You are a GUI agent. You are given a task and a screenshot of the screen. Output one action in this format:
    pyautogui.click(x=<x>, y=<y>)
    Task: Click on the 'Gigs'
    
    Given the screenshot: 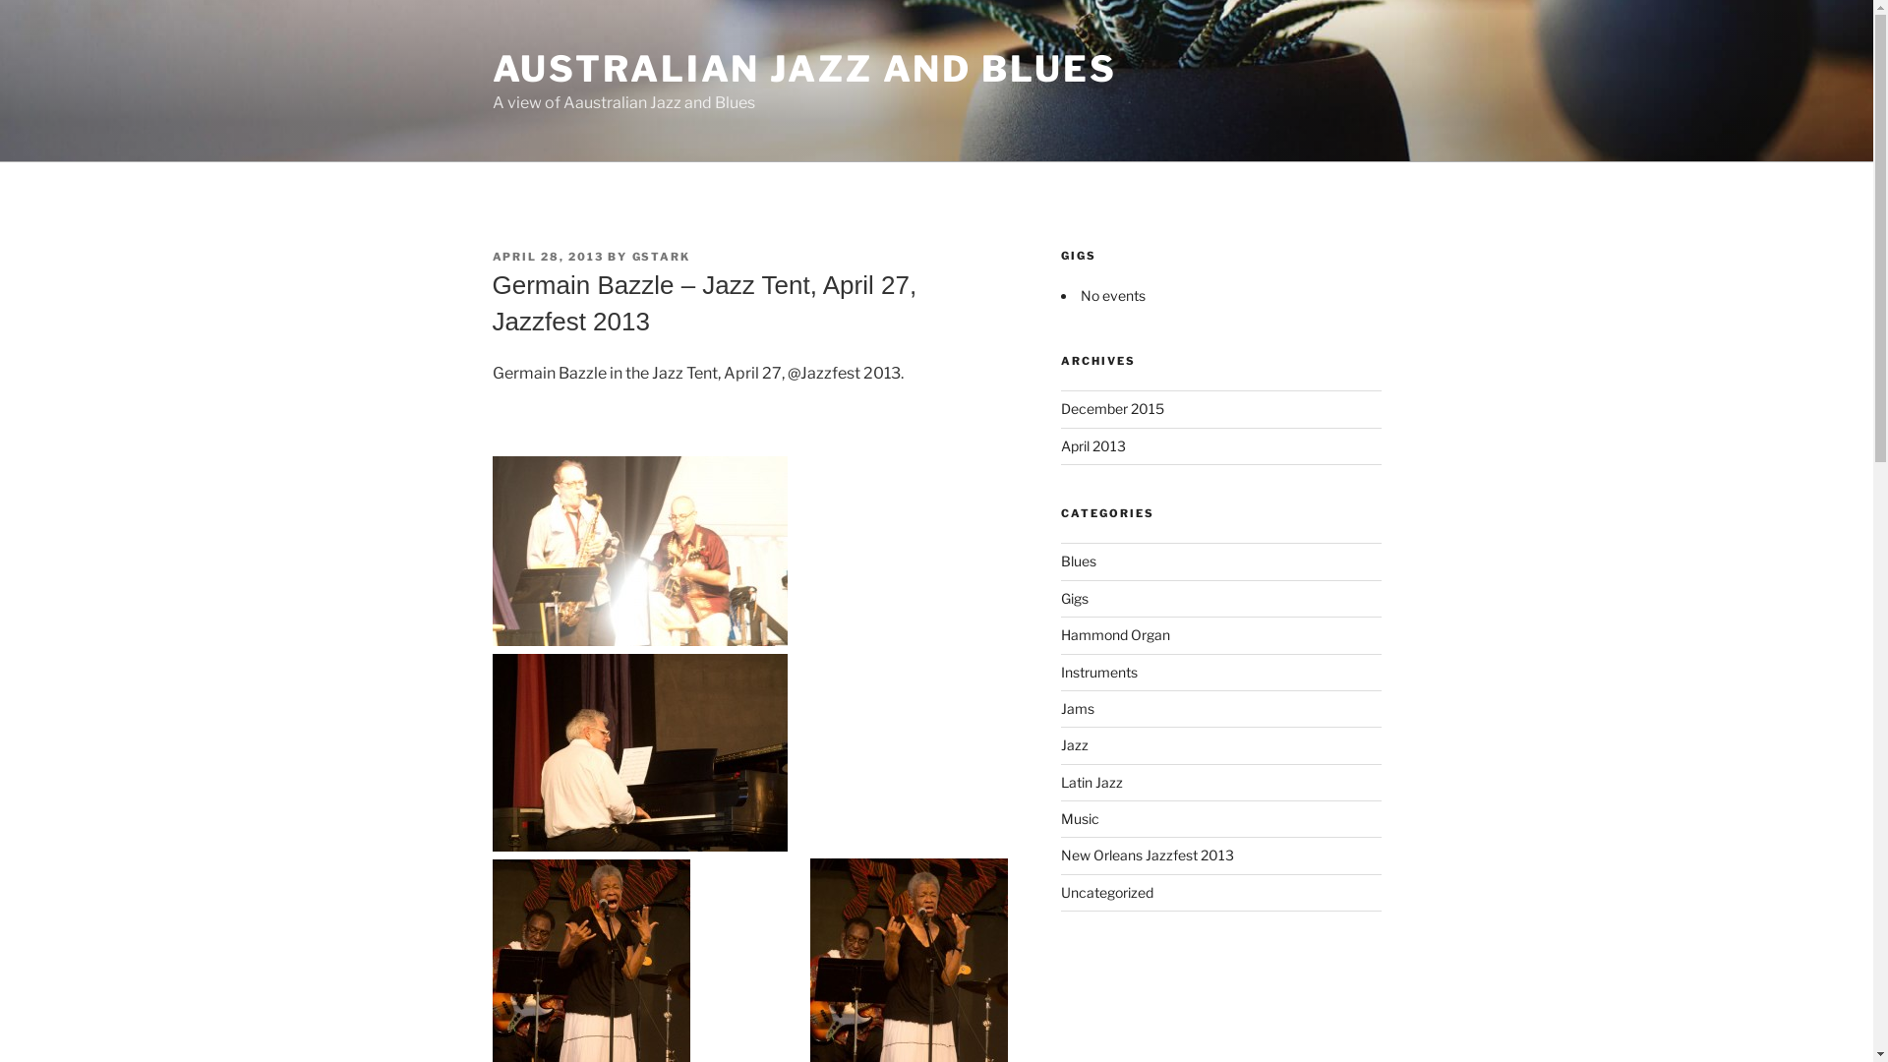 What is the action you would take?
    pyautogui.click(x=1074, y=597)
    